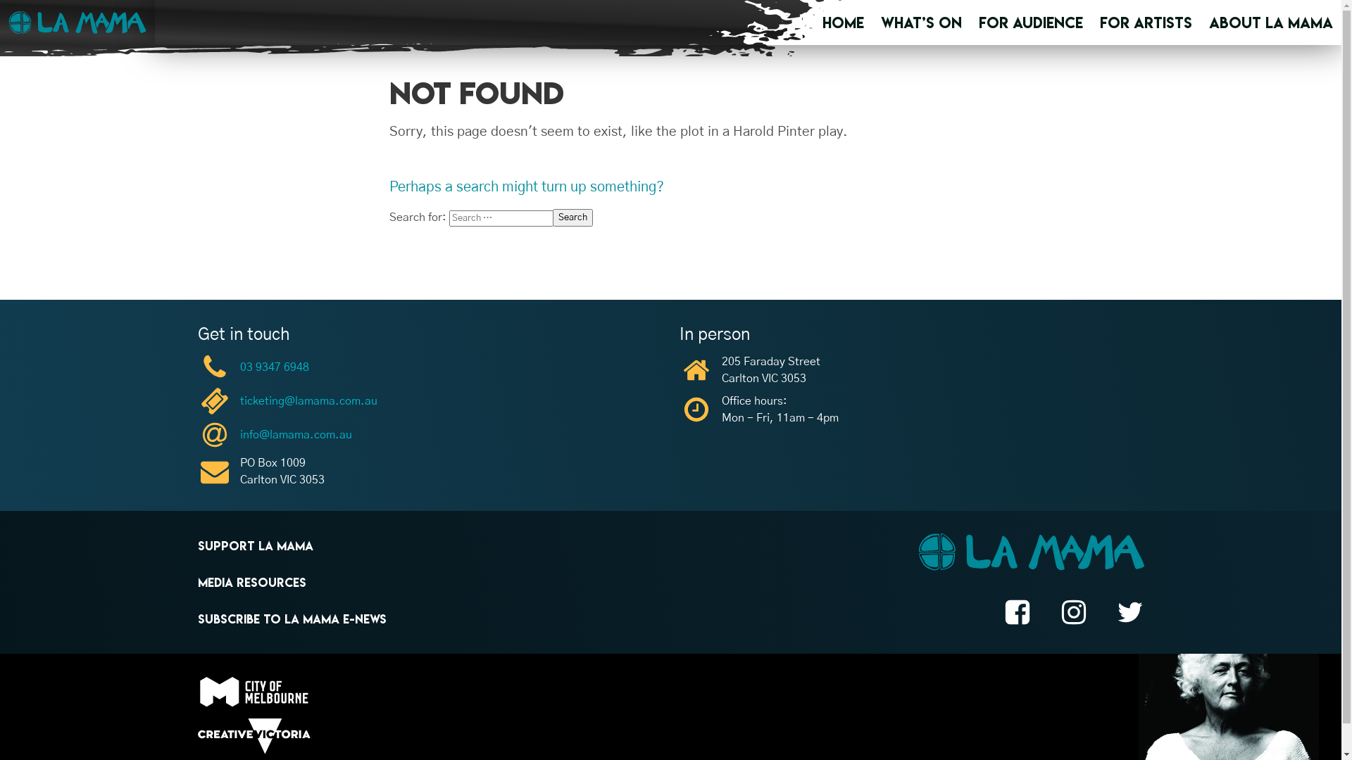  Describe the element at coordinates (1270, 22) in the screenshot. I see `'About La Mama'` at that location.